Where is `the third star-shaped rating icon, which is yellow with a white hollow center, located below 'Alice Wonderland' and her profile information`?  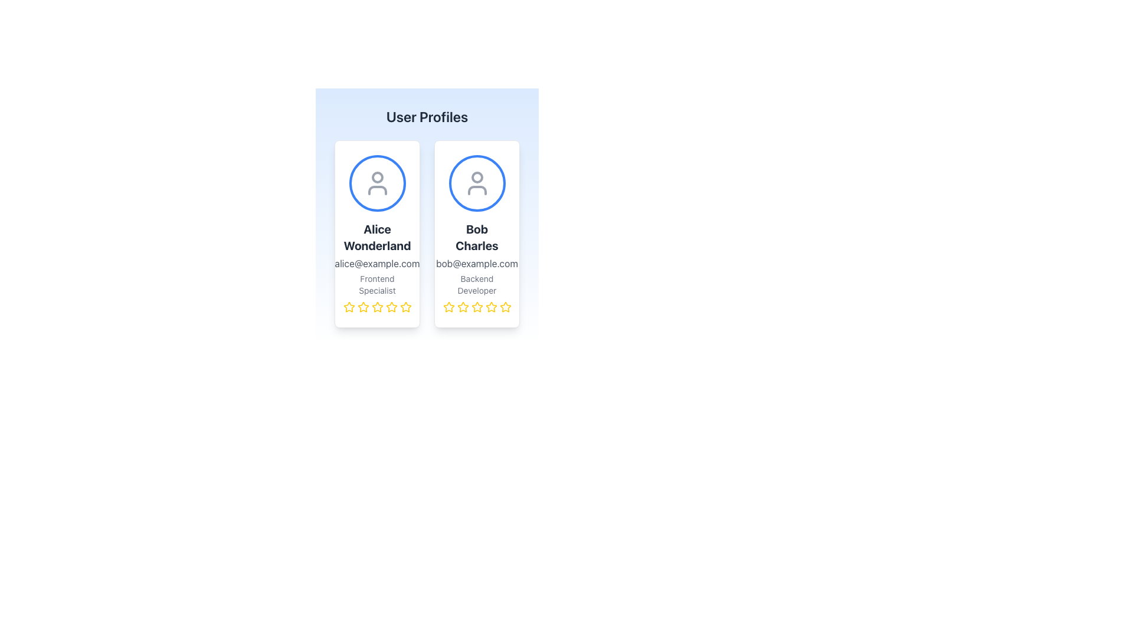
the third star-shaped rating icon, which is yellow with a white hollow center, located below 'Alice Wonderland' and her profile information is located at coordinates (362, 306).